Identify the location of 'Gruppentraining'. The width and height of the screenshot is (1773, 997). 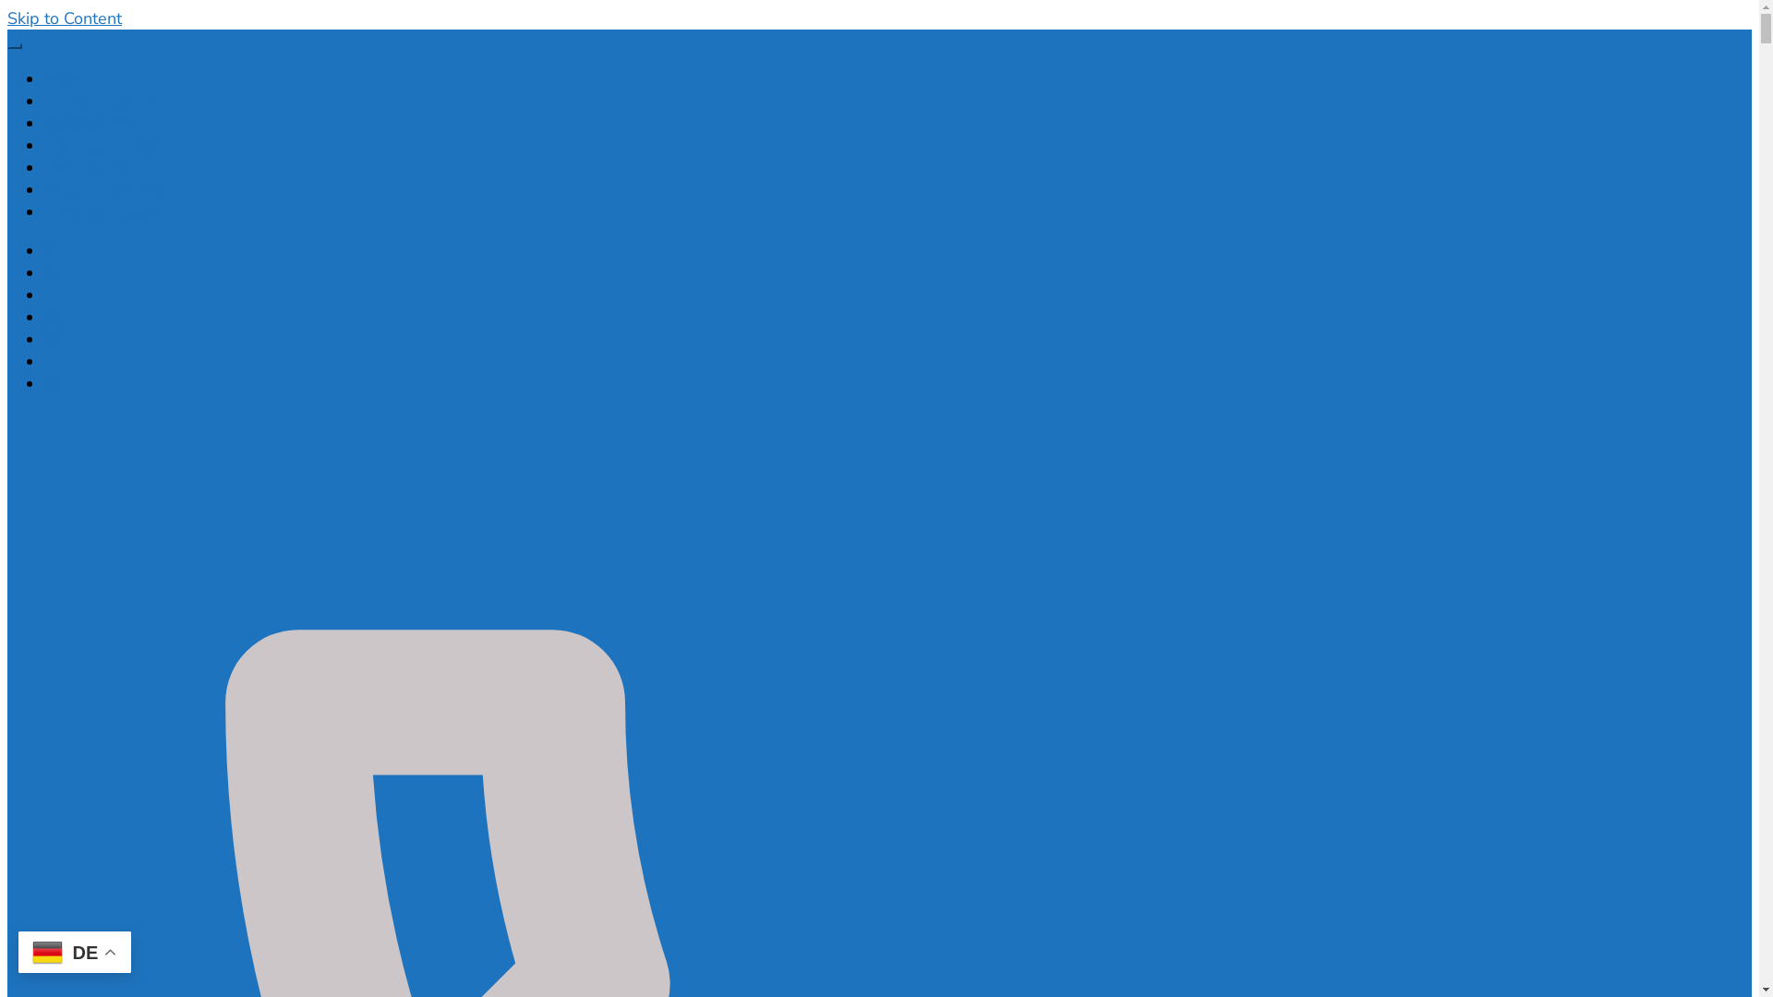
(104, 189).